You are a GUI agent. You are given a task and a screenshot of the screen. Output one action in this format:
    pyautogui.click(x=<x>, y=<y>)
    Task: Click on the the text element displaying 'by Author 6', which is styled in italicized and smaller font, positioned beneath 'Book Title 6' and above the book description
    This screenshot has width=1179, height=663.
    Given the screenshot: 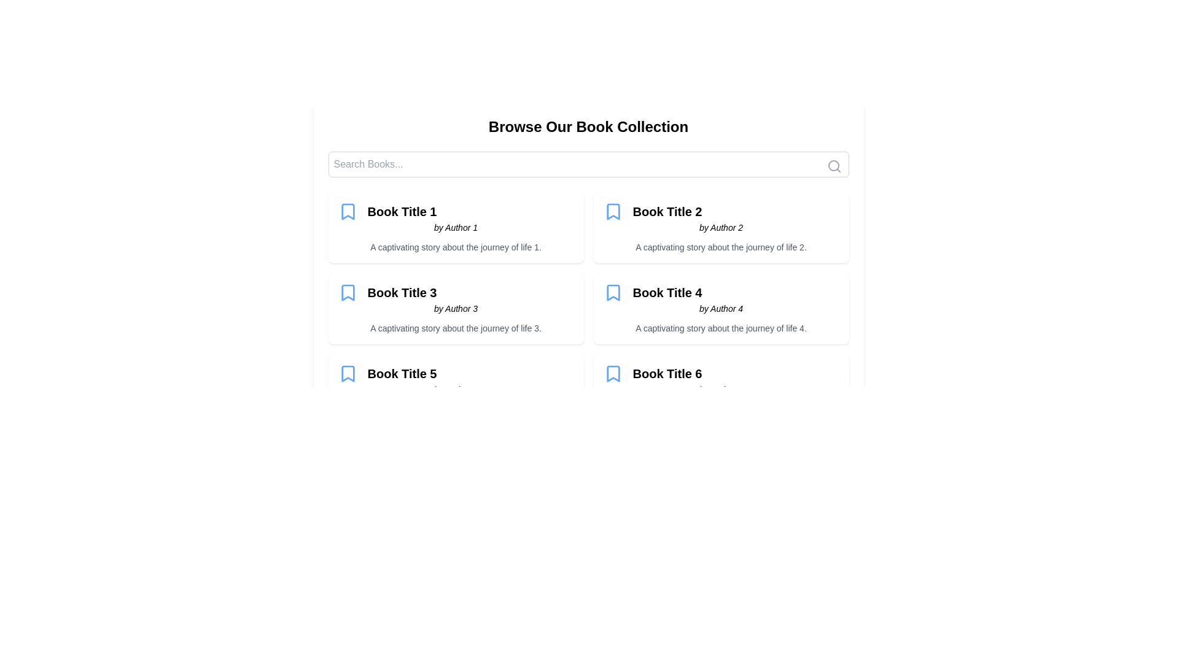 What is the action you would take?
    pyautogui.click(x=721, y=390)
    